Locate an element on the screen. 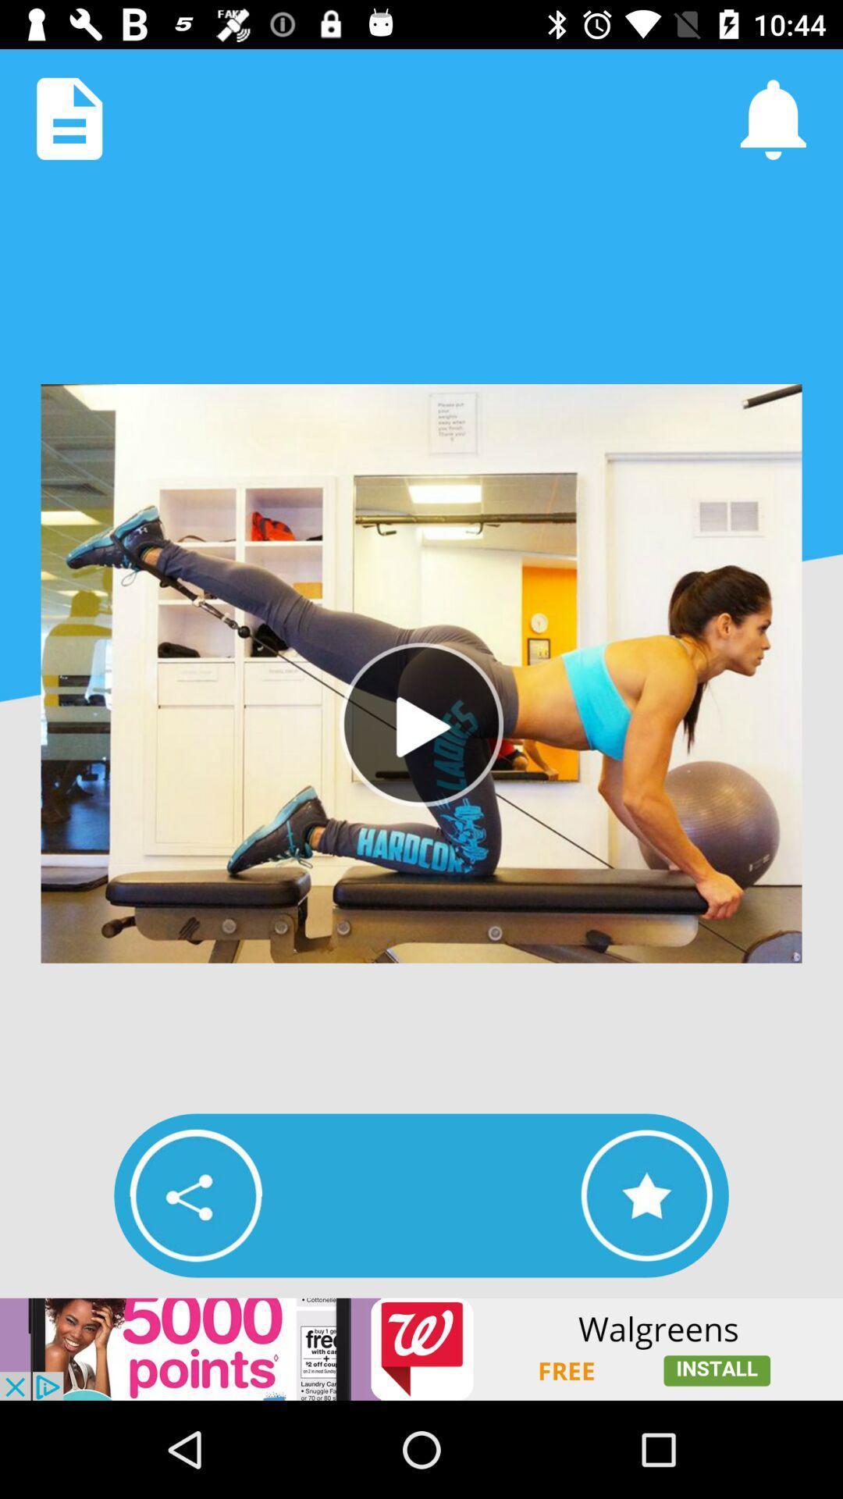 The height and width of the screenshot is (1499, 843). redirects you to offer page is located at coordinates (421, 1348).